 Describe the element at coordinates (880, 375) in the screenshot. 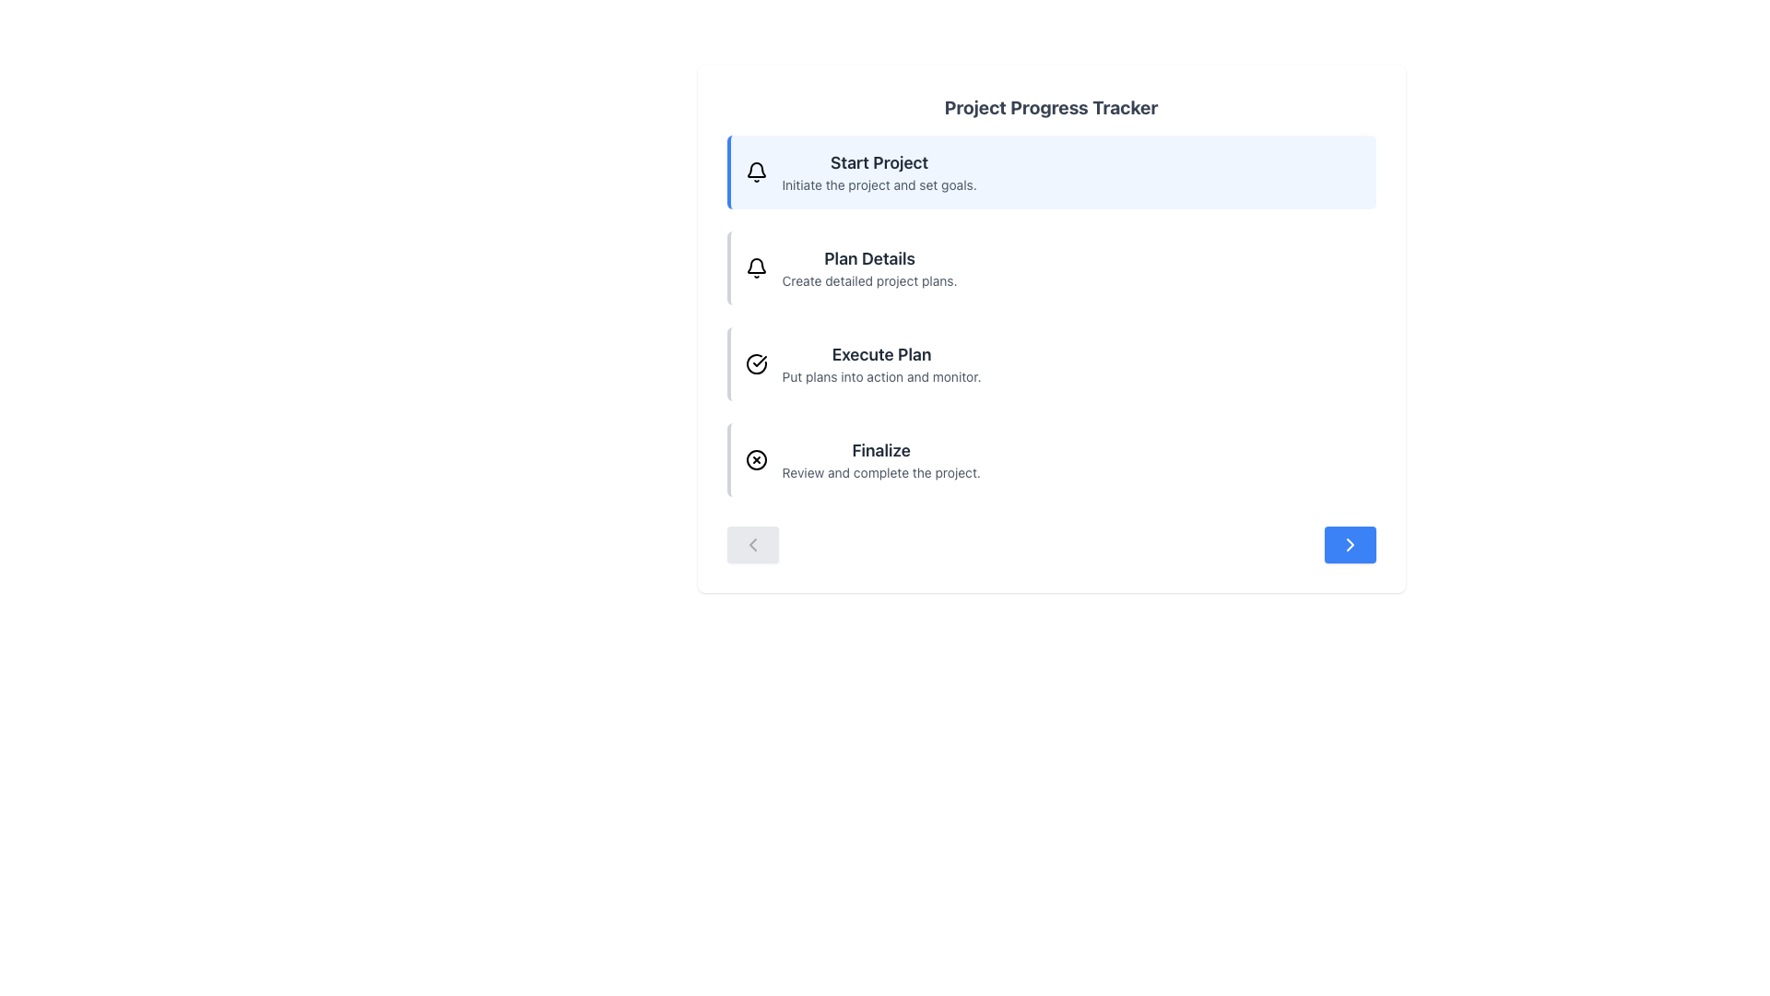

I see `text label that says 'Put plans into action and monitor.' which is located below the heading 'Execute Plan'` at that location.